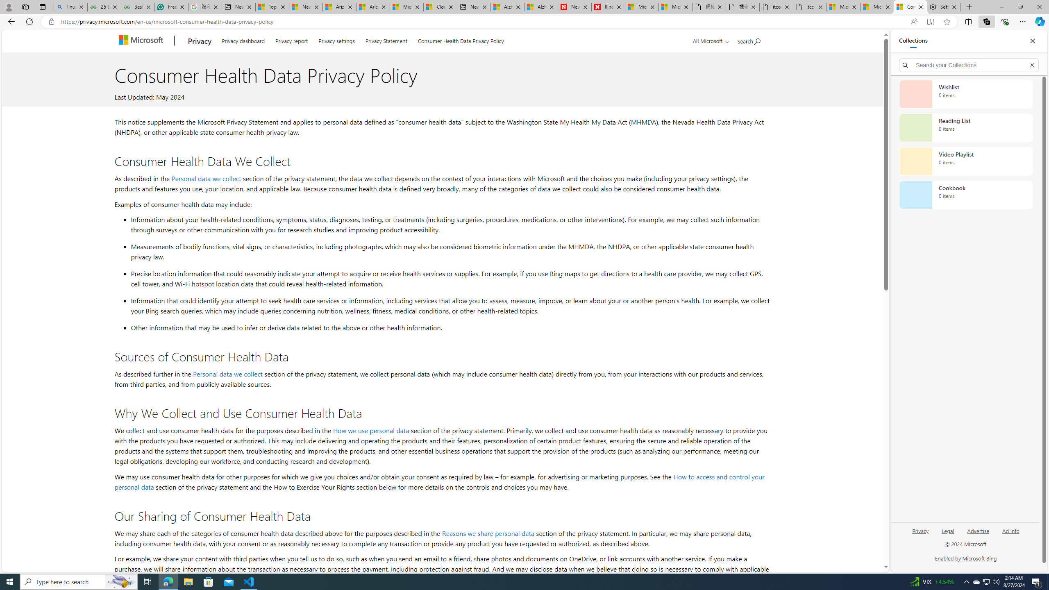 This screenshot has height=590, width=1049. What do you see at coordinates (1032, 65) in the screenshot?
I see `'Exit search'` at bounding box center [1032, 65].